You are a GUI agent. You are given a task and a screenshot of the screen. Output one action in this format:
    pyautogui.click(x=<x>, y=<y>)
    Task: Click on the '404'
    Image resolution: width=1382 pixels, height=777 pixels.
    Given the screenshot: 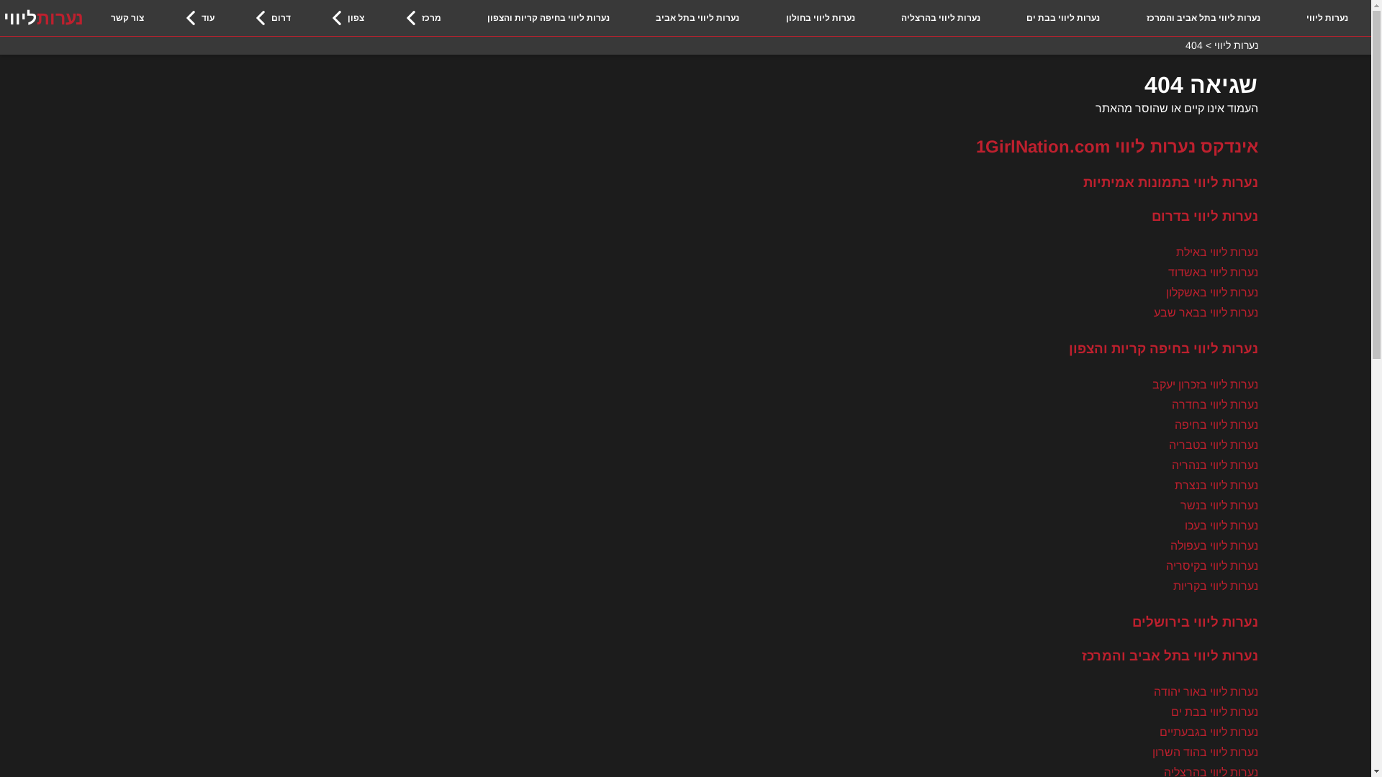 What is the action you would take?
    pyautogui.click(x=1185, y=44)
    